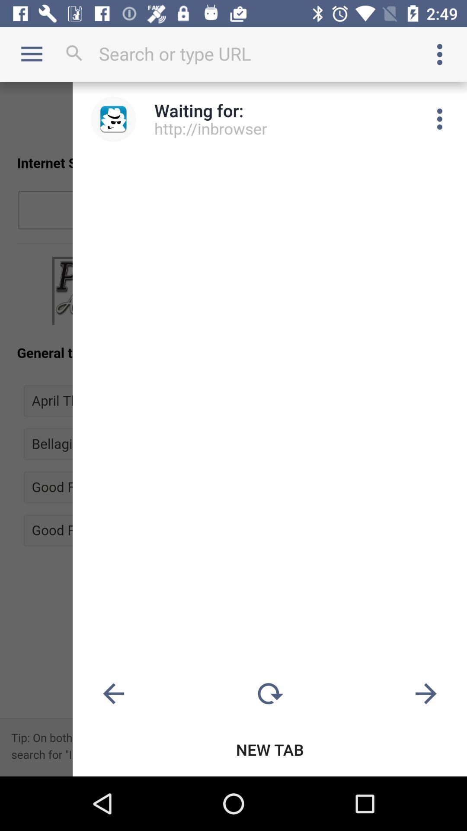  What do you see at coordinates (425, 694) in the screenshot?
I see `next page` at bounding box center [425, 694].